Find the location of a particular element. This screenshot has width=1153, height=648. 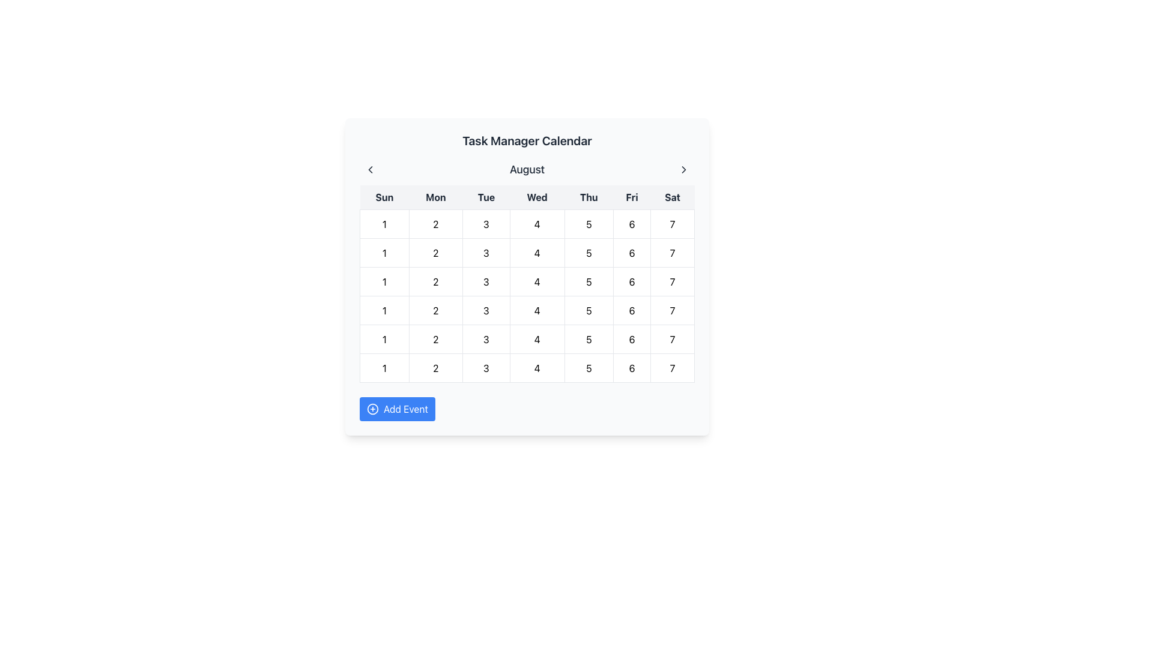

to select the date represented by the text label indicating the 4th day of the month in the calendar's first row and fourth column is located at coordinates (536, 281).